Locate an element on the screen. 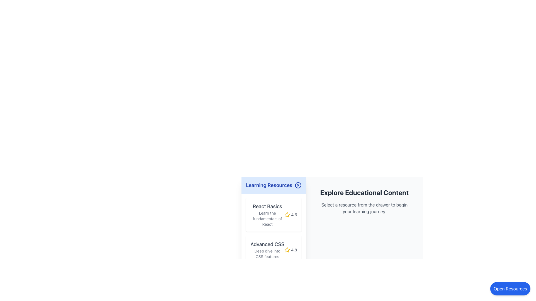 The image size is (536, 301). the star icon indicating a rating of '4.5' in the 'Learning Resources' section below the 'React Basics' title is located at coordinates (287, 215).